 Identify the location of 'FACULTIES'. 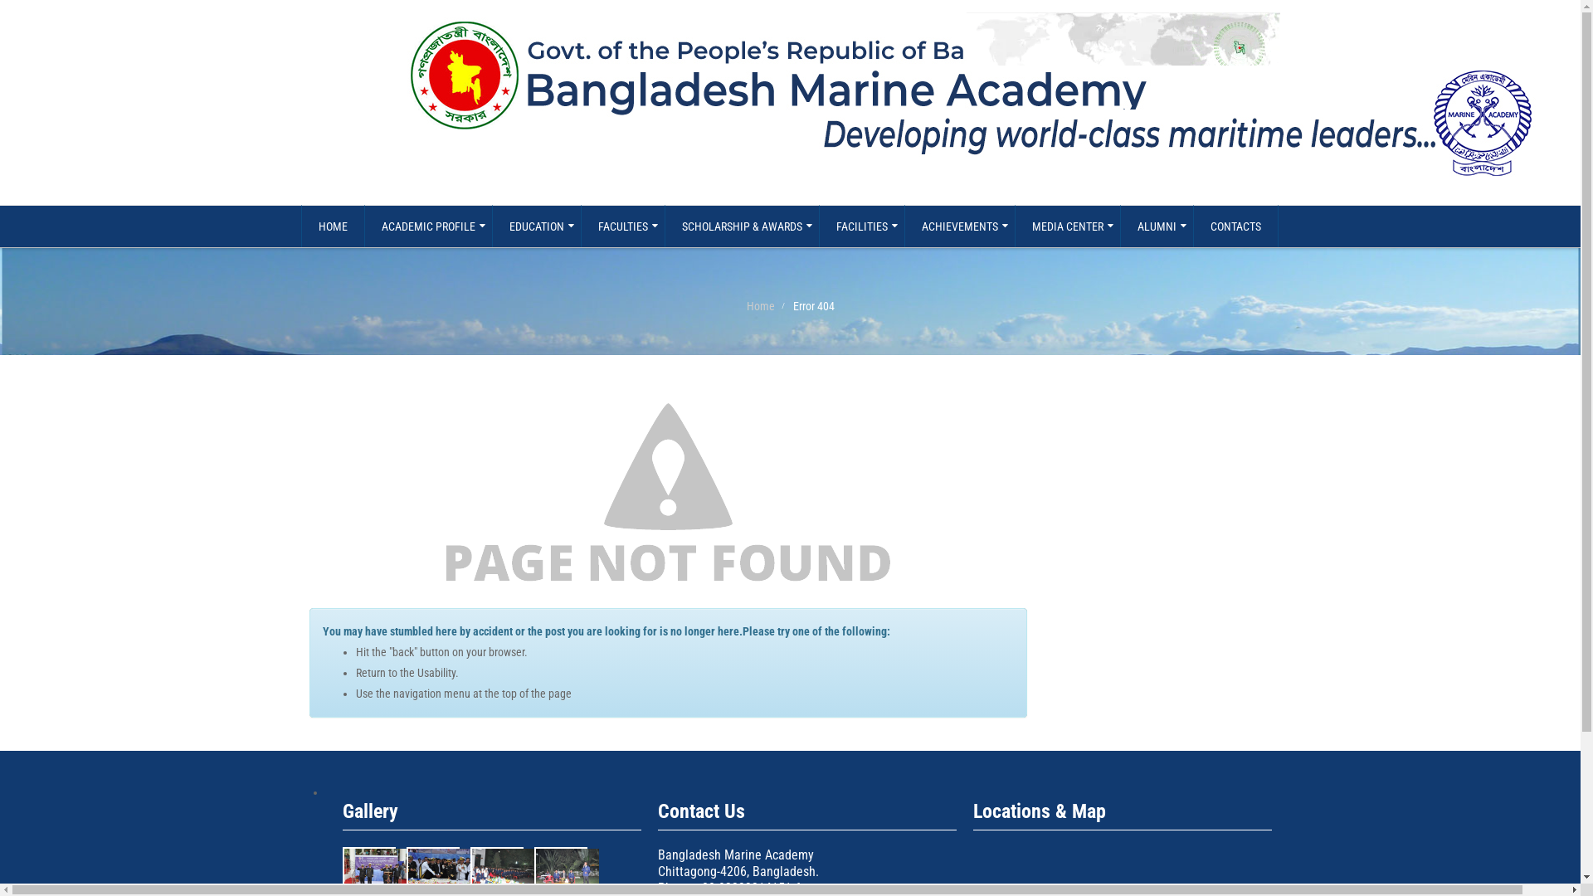
(581, 226).